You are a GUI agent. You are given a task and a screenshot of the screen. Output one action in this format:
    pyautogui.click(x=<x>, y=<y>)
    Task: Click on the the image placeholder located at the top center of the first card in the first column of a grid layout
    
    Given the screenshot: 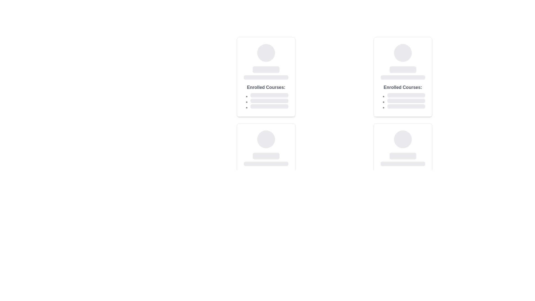 What is the action you would take?
    pyautogui.click(x=266, y=53)
    